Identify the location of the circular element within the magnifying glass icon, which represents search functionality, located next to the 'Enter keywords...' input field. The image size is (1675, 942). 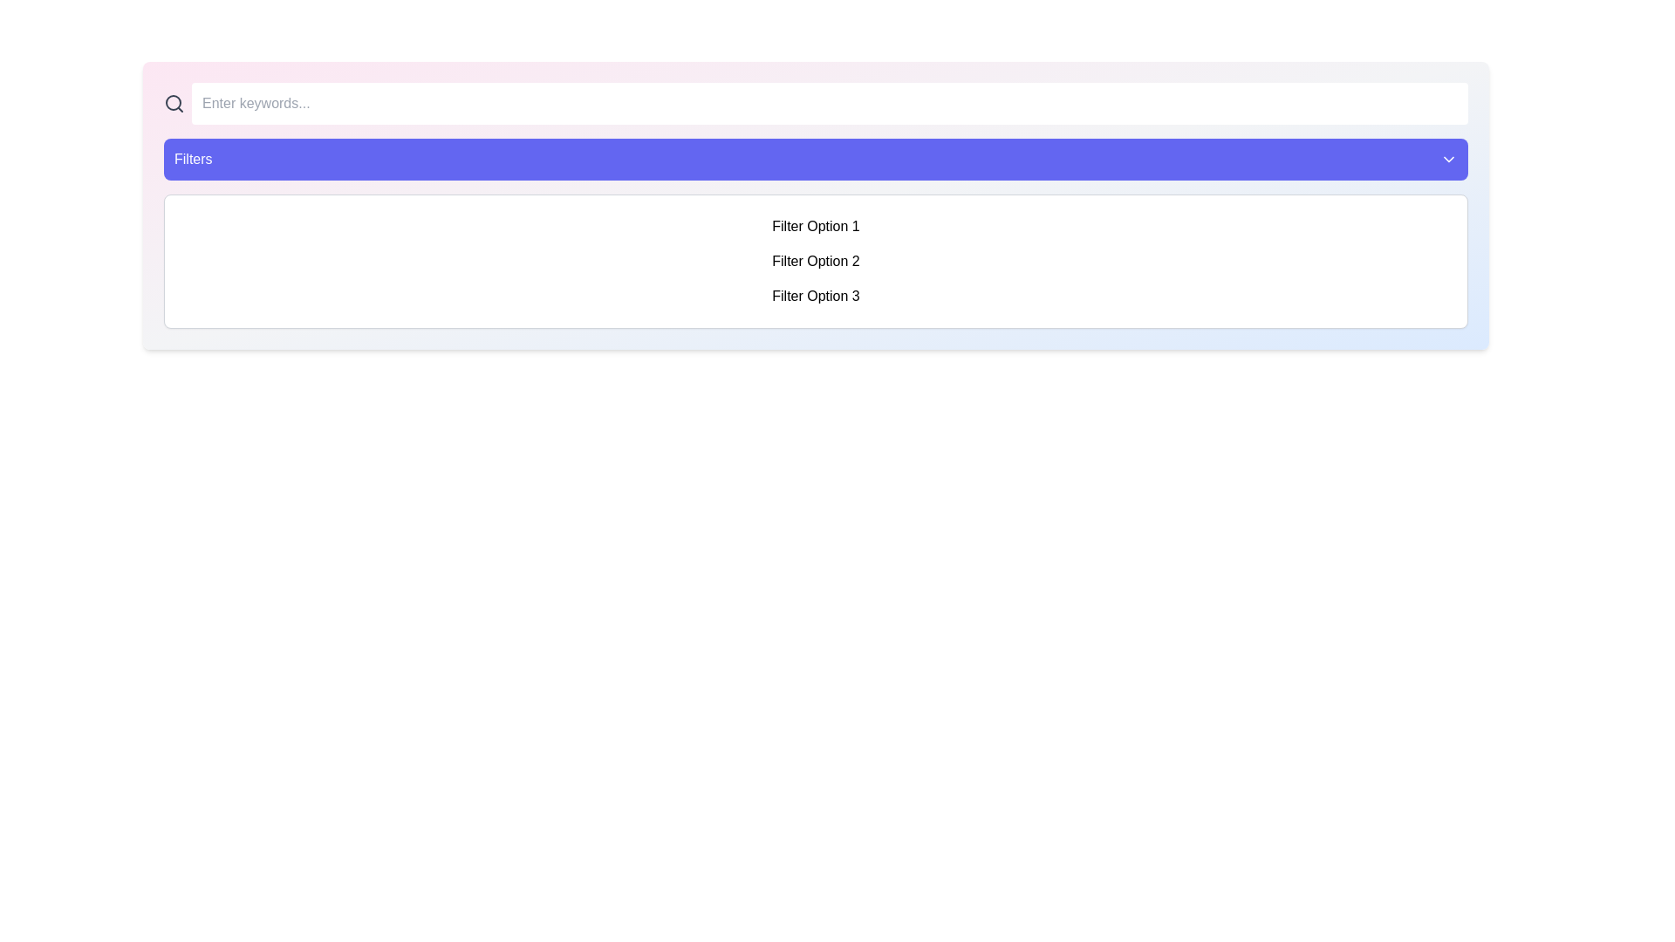
(173, 103).